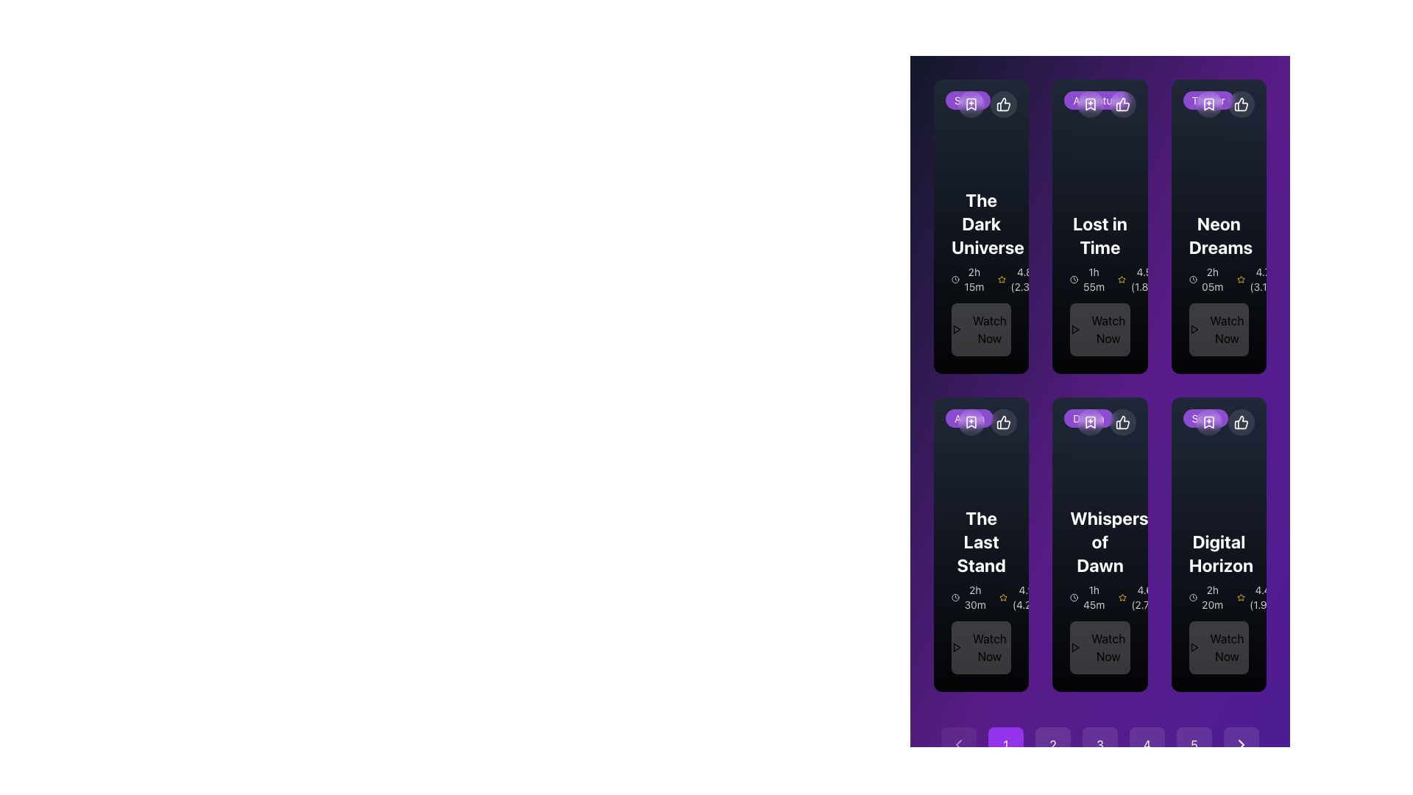 This screenshot has height=795, width=1413. Describe the element at coordinates (1121, 279) in the screenshot. I see `the yellow star-shaped icon that represents a rating value, located in the second row, first column of the grid layout` at that location.